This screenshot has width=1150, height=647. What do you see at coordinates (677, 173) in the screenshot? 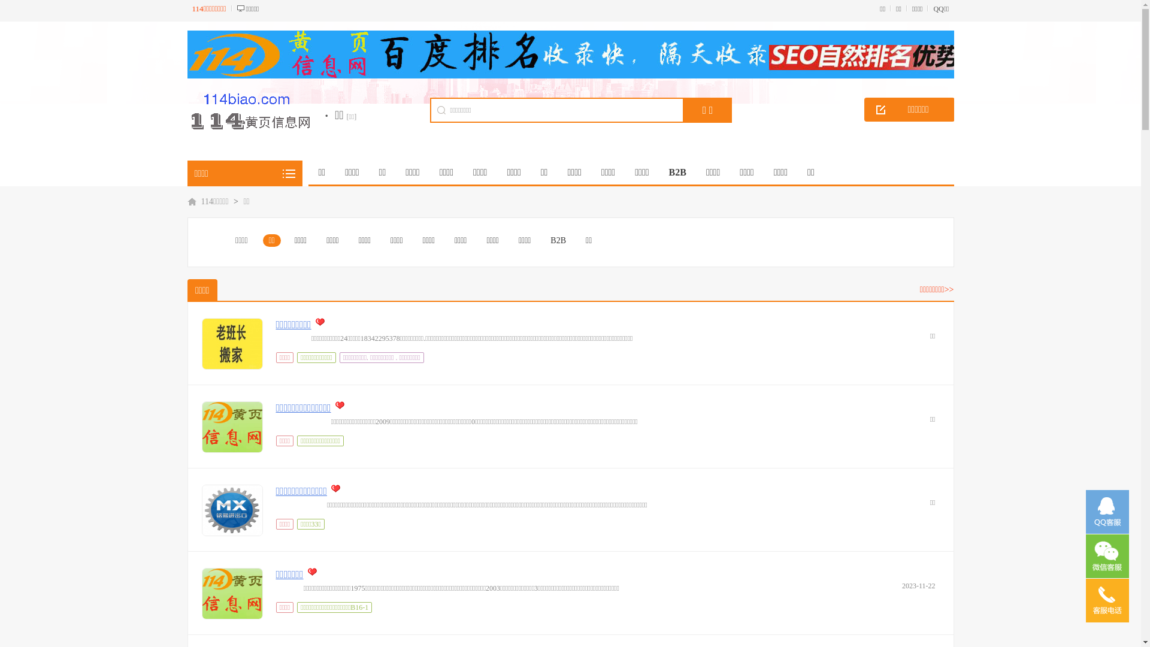
I see `'B2B'` at bounding box center [677, 173].